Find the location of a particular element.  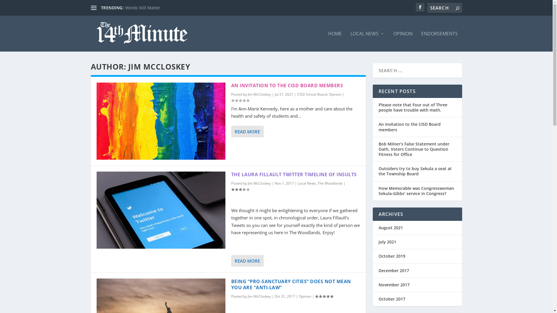

'Words Still Matter' is located at coordinates (143, 8).